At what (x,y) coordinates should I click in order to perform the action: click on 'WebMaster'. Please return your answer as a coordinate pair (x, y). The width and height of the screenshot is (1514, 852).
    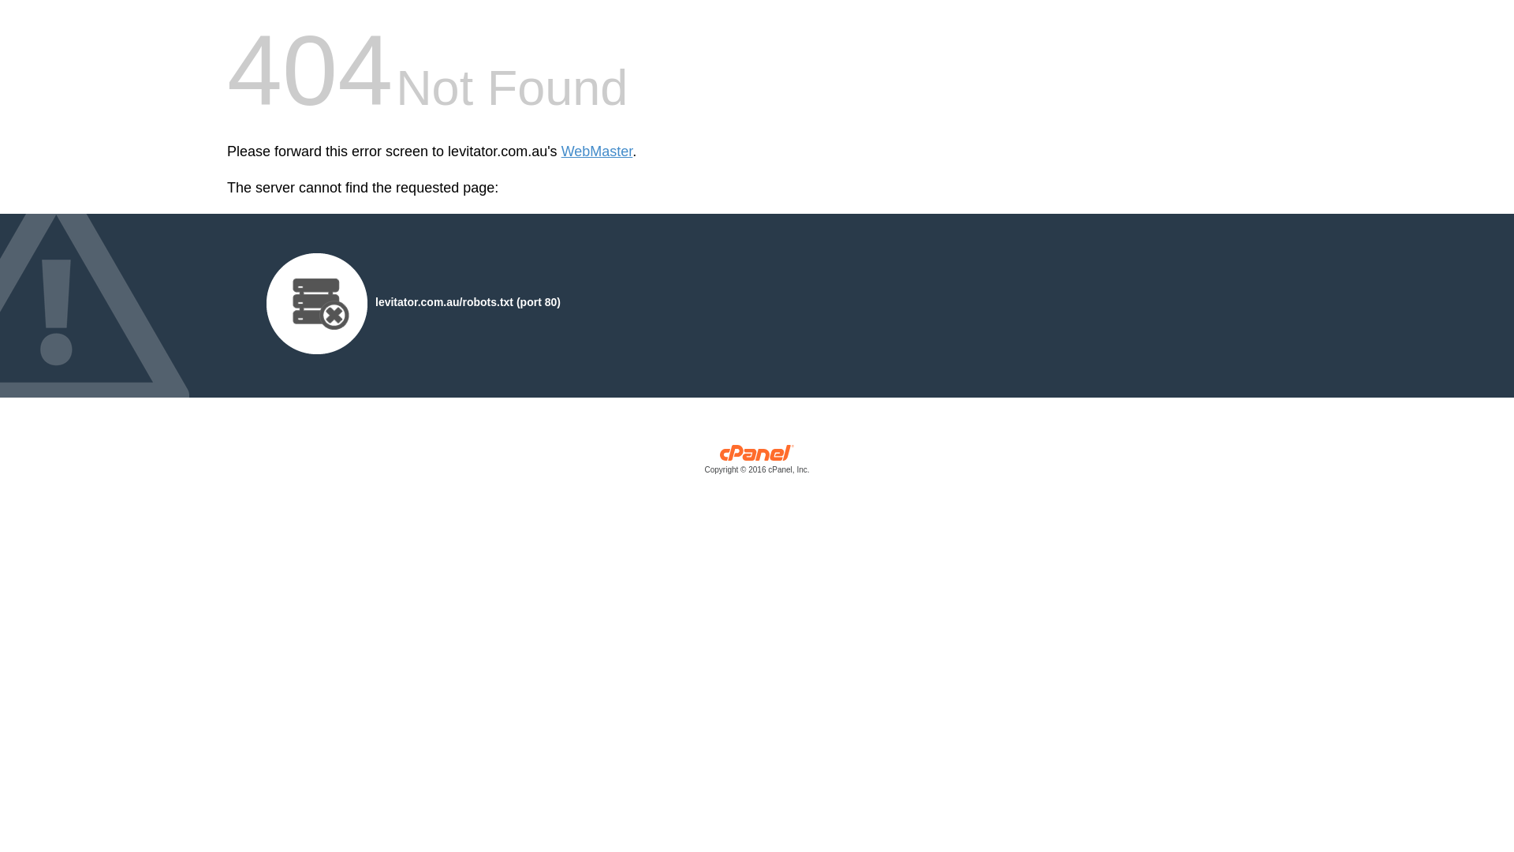
    Looking at the image, I should click on (596, 151).